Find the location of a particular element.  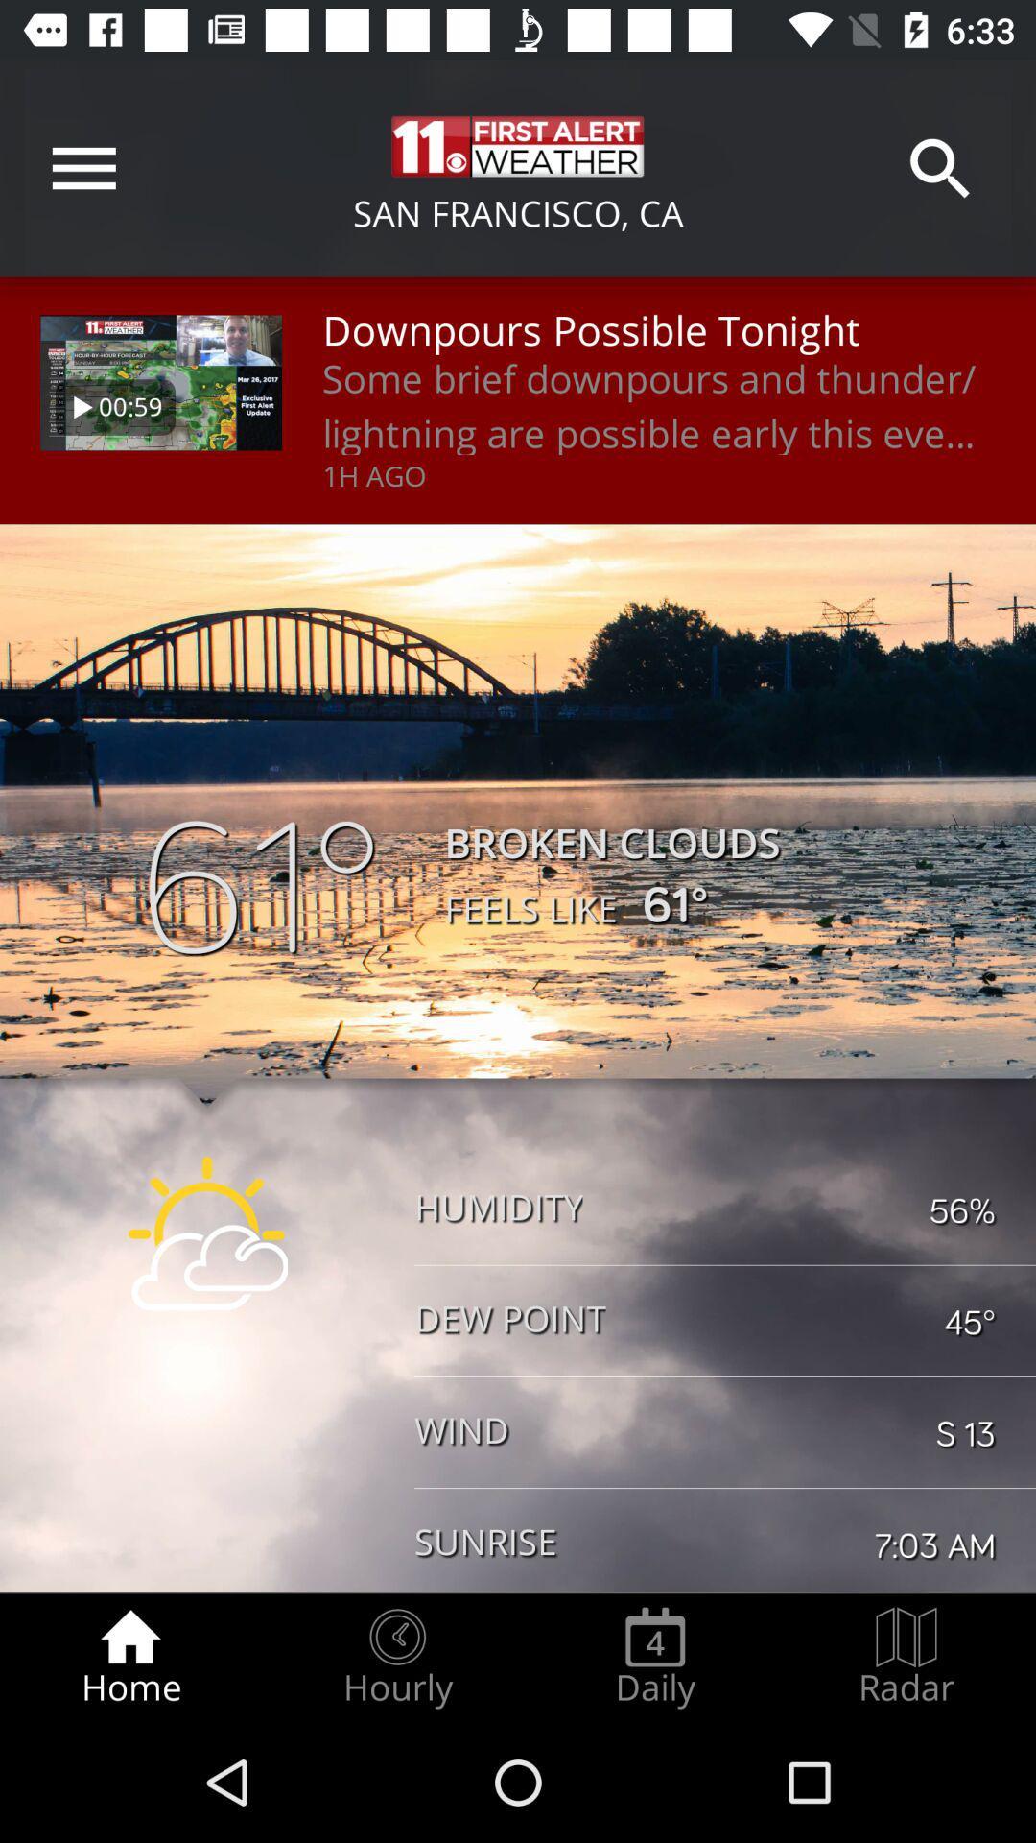

icon next to home is located at coordinates (396, 1657).